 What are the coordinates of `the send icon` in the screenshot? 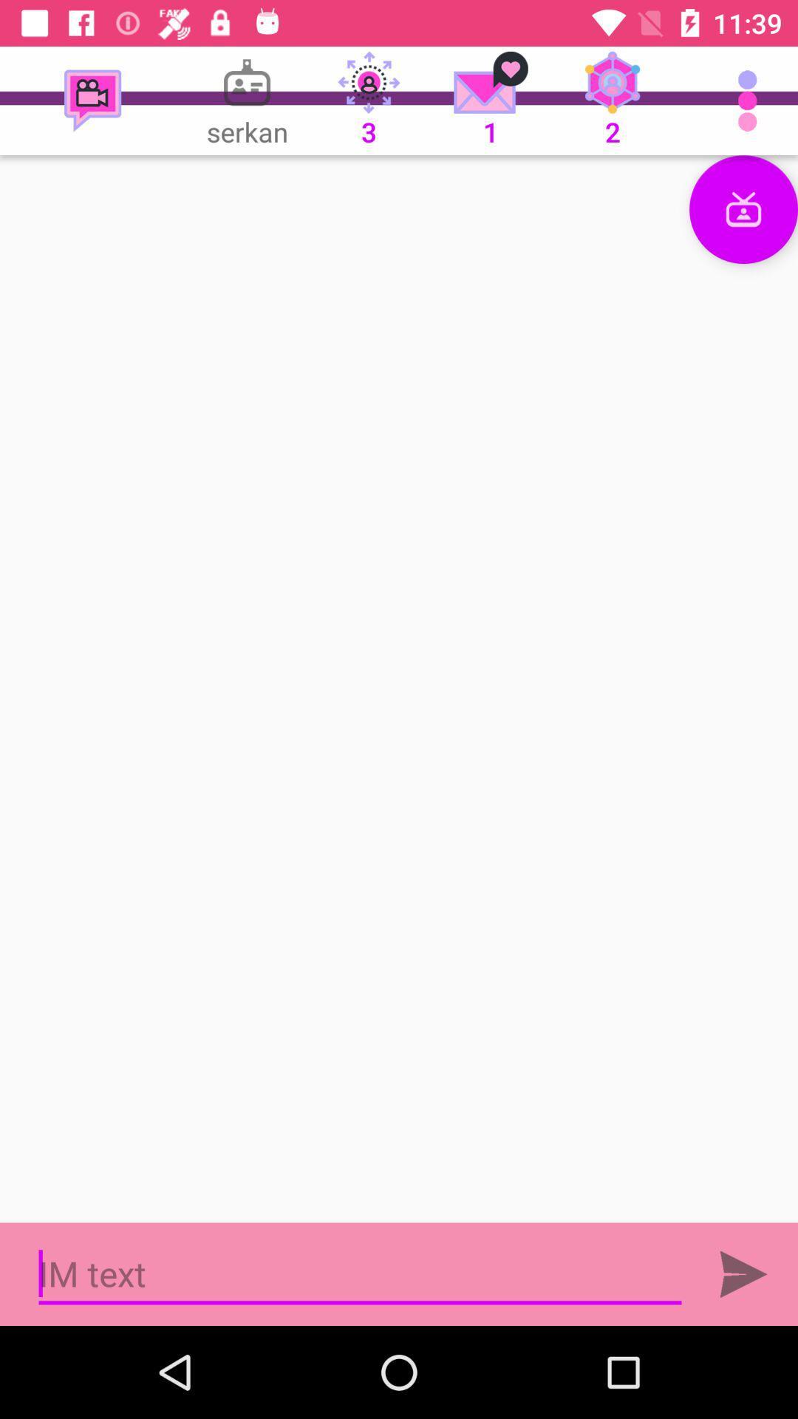 It's located at (743, 1273).